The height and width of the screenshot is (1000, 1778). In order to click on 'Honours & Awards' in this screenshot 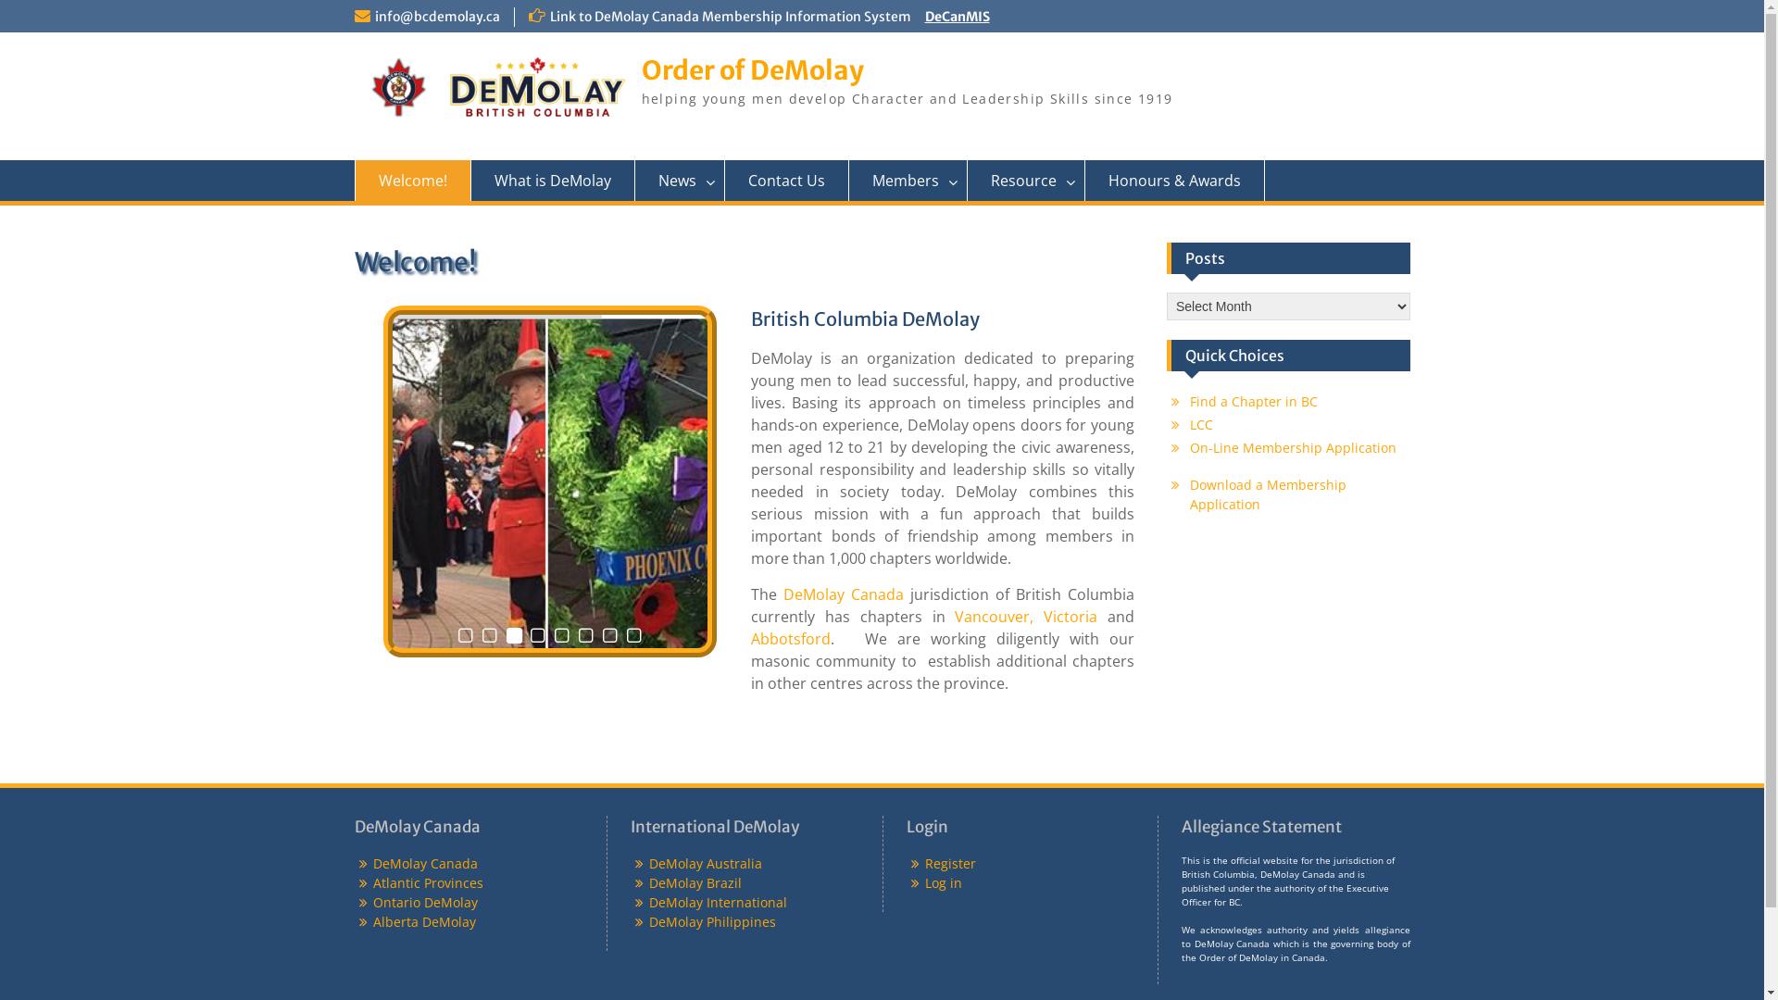, I will do `click(1173, 181)`.